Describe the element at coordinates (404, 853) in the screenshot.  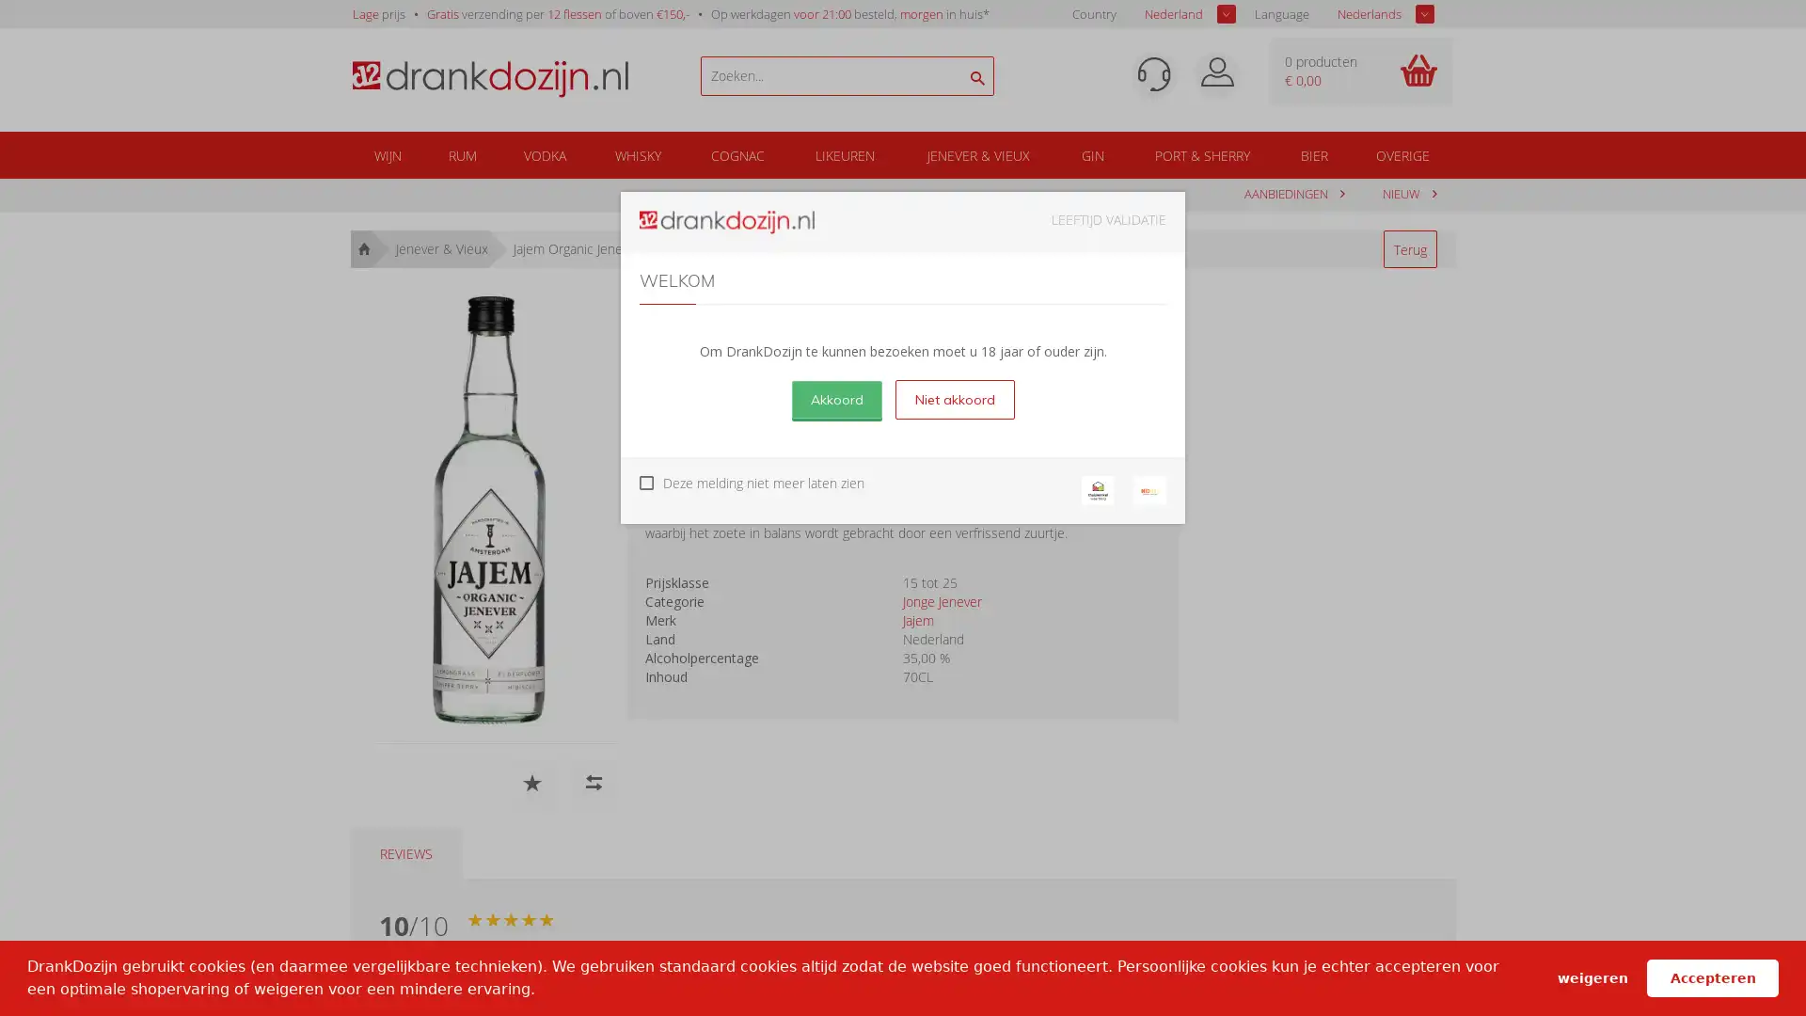
I see `REVIEWS` at that location.